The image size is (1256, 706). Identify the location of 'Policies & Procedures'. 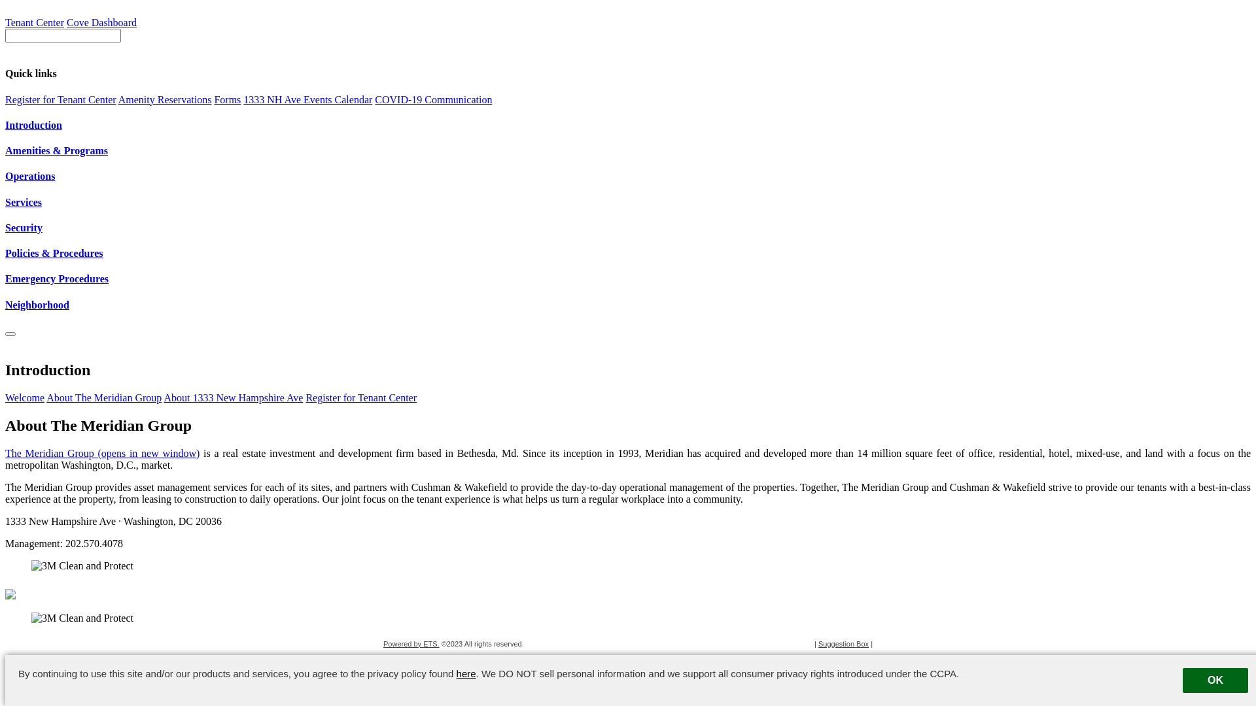
(628, 254).